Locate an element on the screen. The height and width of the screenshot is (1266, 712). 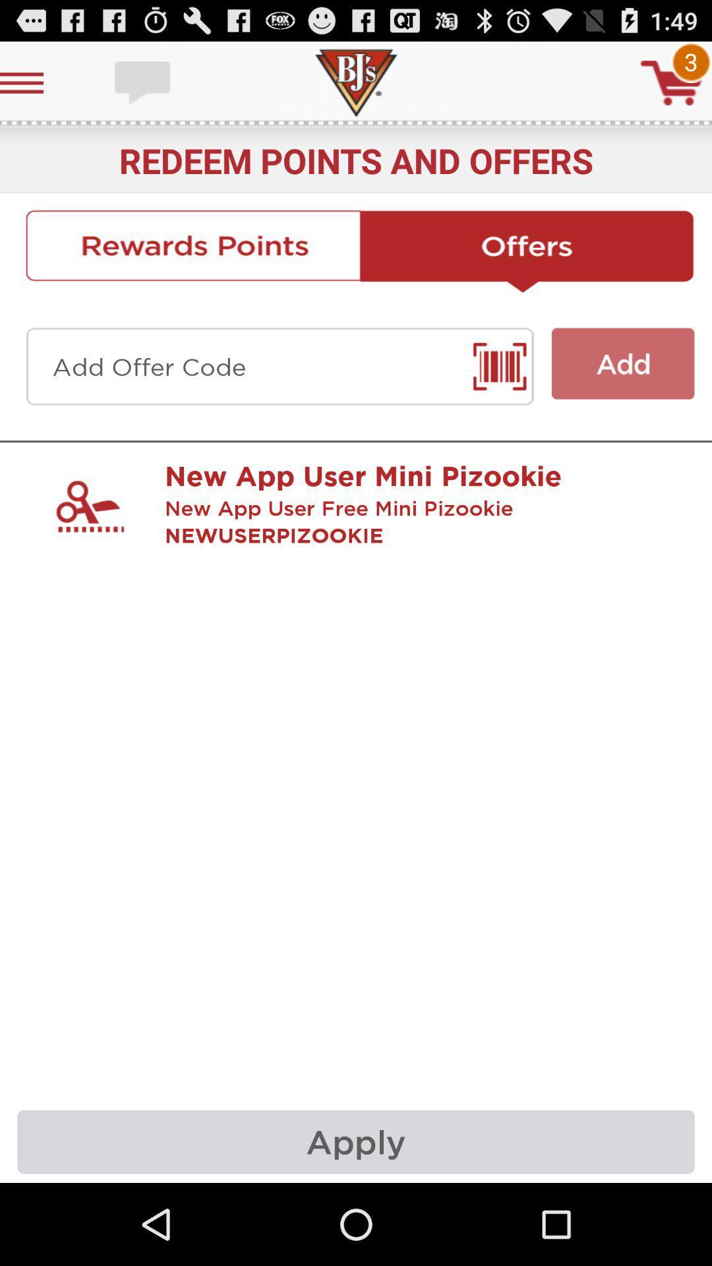
offers button is located at coordinates (527, 251).